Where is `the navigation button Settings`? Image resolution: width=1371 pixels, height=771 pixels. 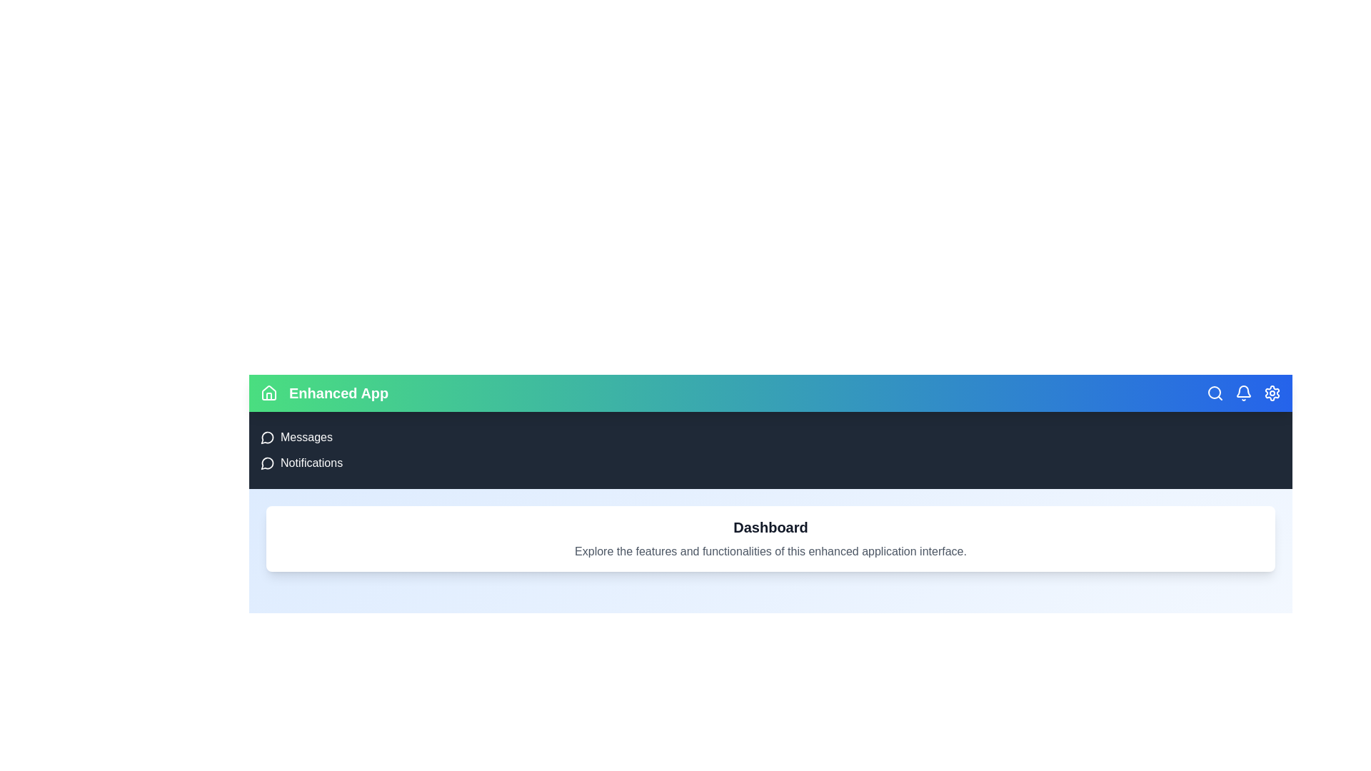 the navigation button Settings is located at coordinates (1272, 393).